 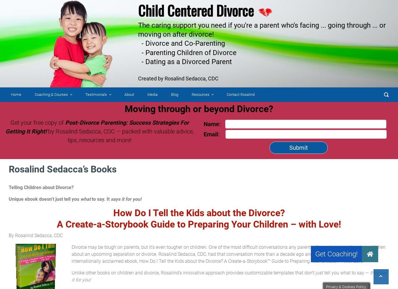 I want to click on '- Dating as a Divorced Parent', so click(x=138, y=61).